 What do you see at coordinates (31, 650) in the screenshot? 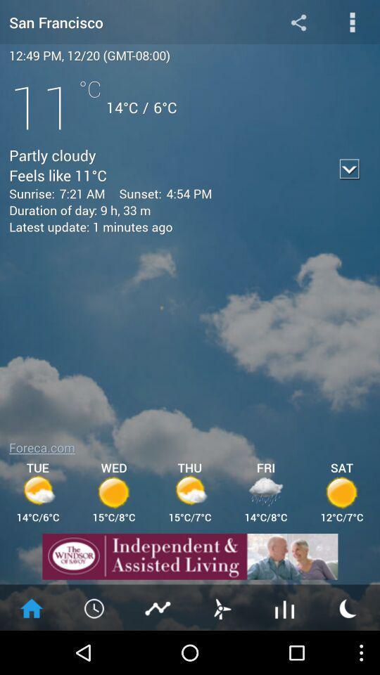
I see `the home icon` at bounding box center [31, 650].